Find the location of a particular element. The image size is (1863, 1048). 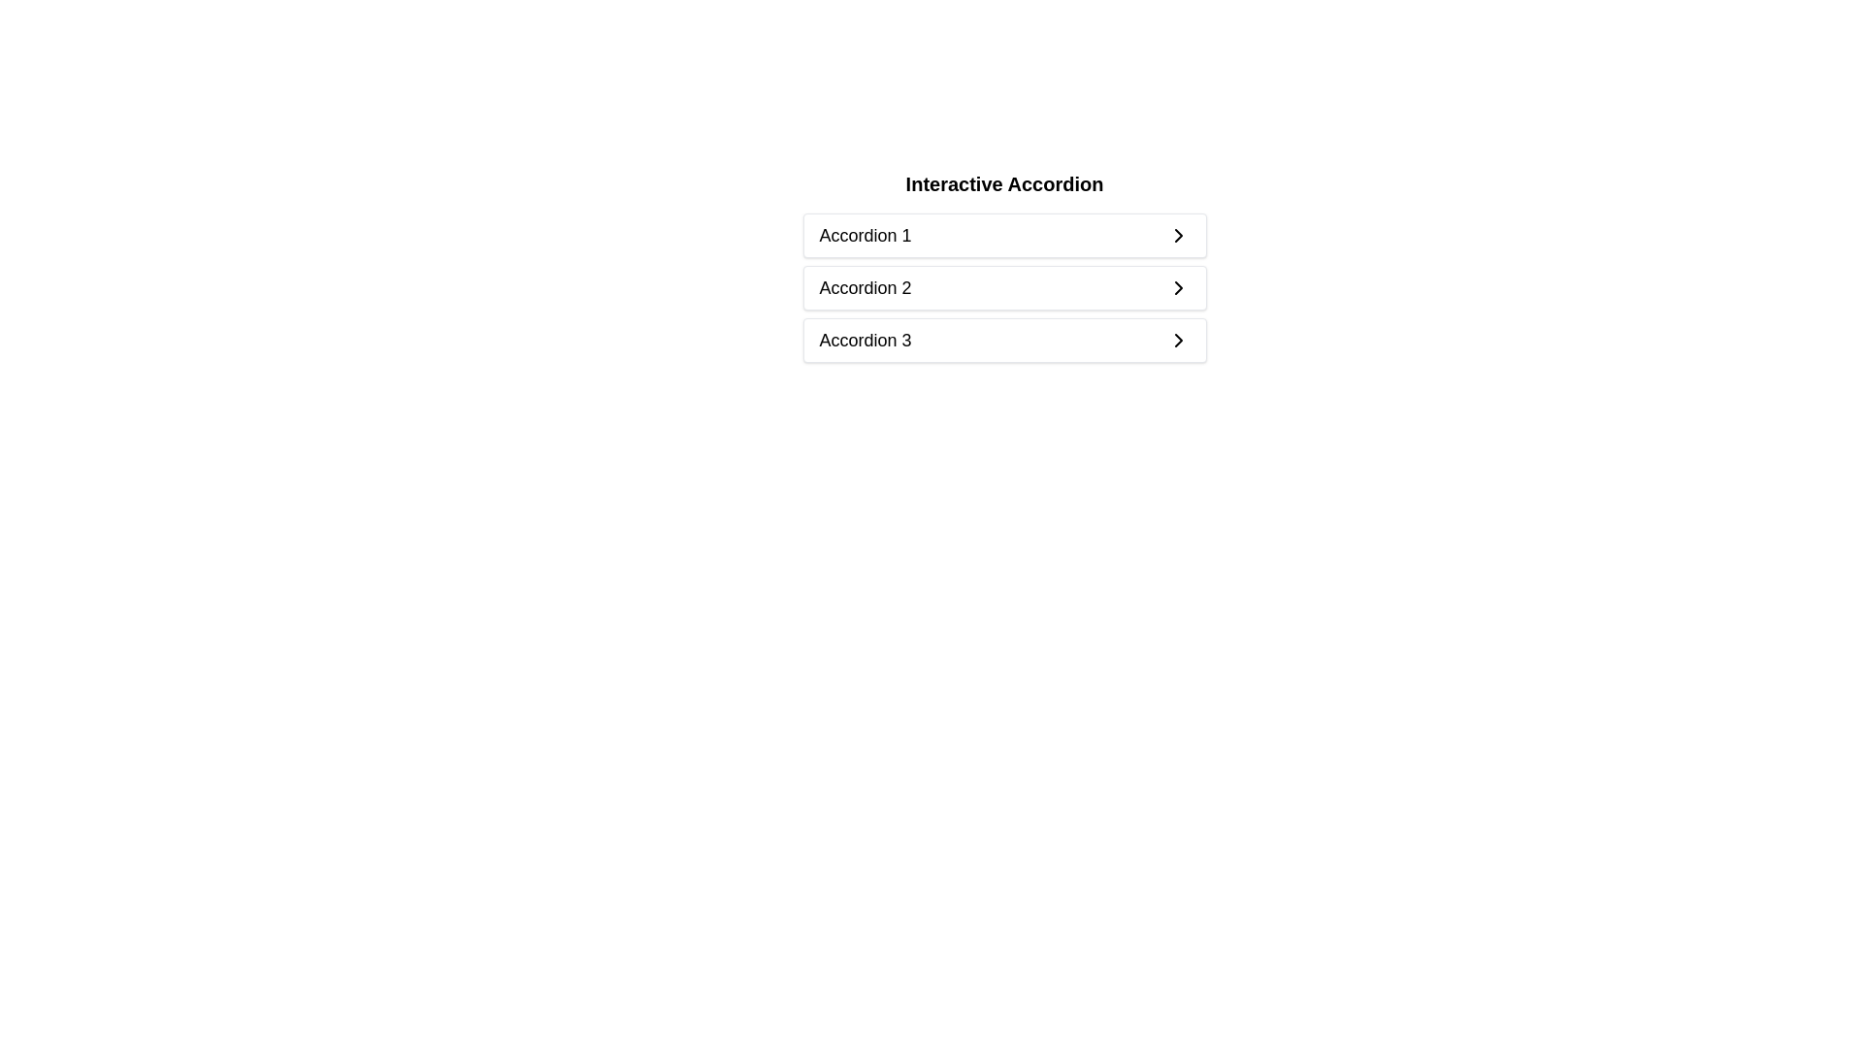

the SVG Icon (Right Arrow) located to the right of the text label 'Accordion 2' is located at coordinates (1177, 288).